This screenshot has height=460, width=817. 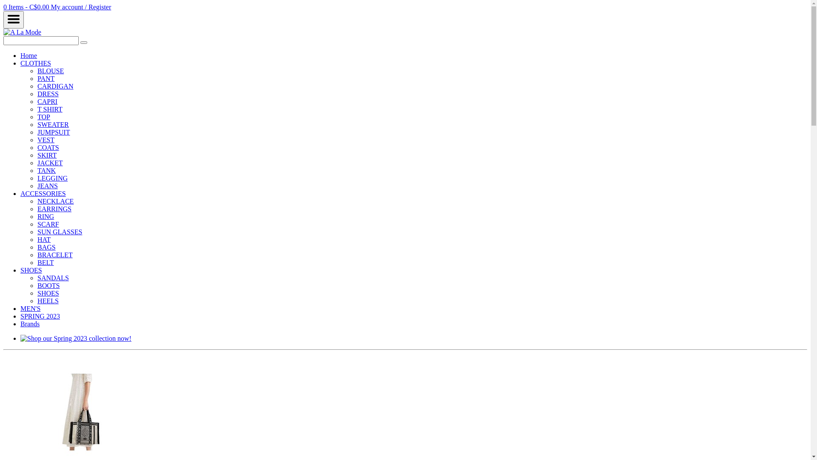 What do you see at coordinates (46, 170) in the screenshot?
I see `'TANK'` at bounding box center [46, 170].